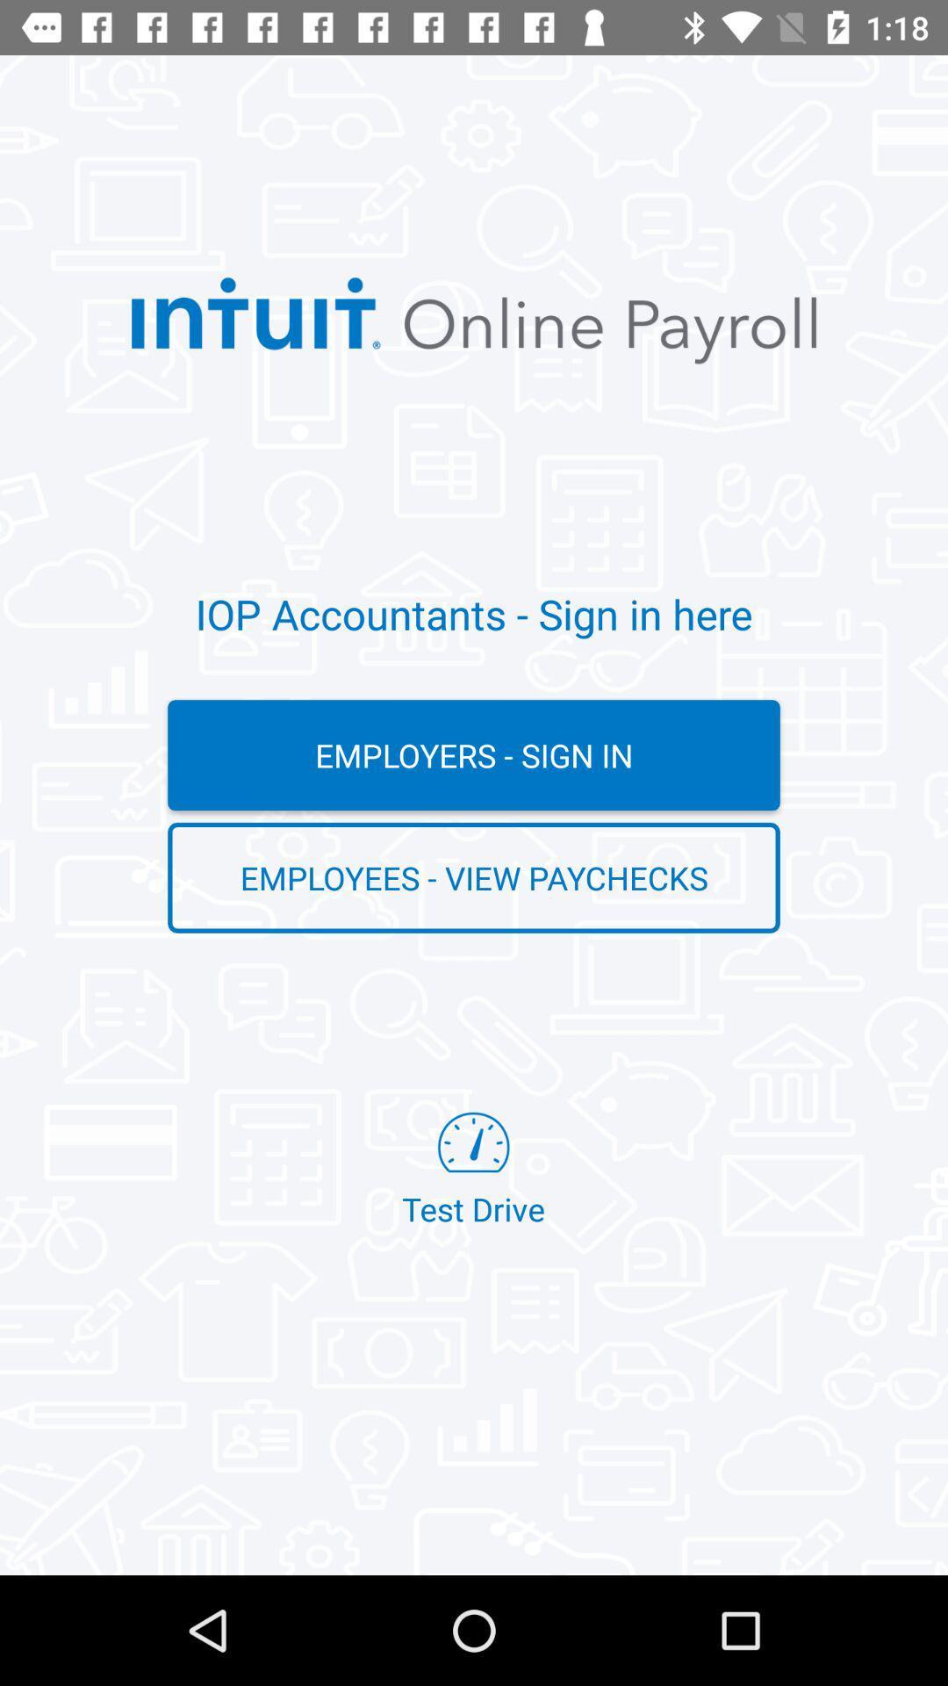 The image size is (948, 1686). Describe the element at coordinates (472, 1171) in the screenshot. I see `test drive item` at that location.